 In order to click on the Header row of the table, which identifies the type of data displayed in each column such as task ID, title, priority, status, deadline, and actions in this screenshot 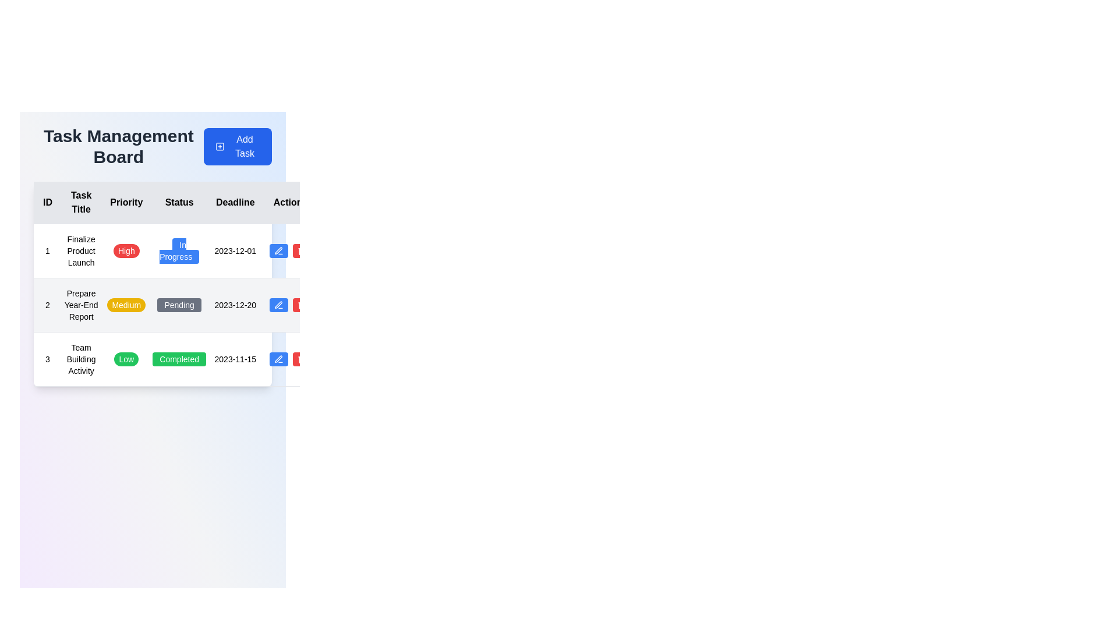, I will do `click(175, 202)`.